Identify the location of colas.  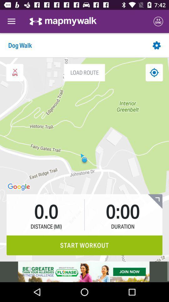
(15, 72).